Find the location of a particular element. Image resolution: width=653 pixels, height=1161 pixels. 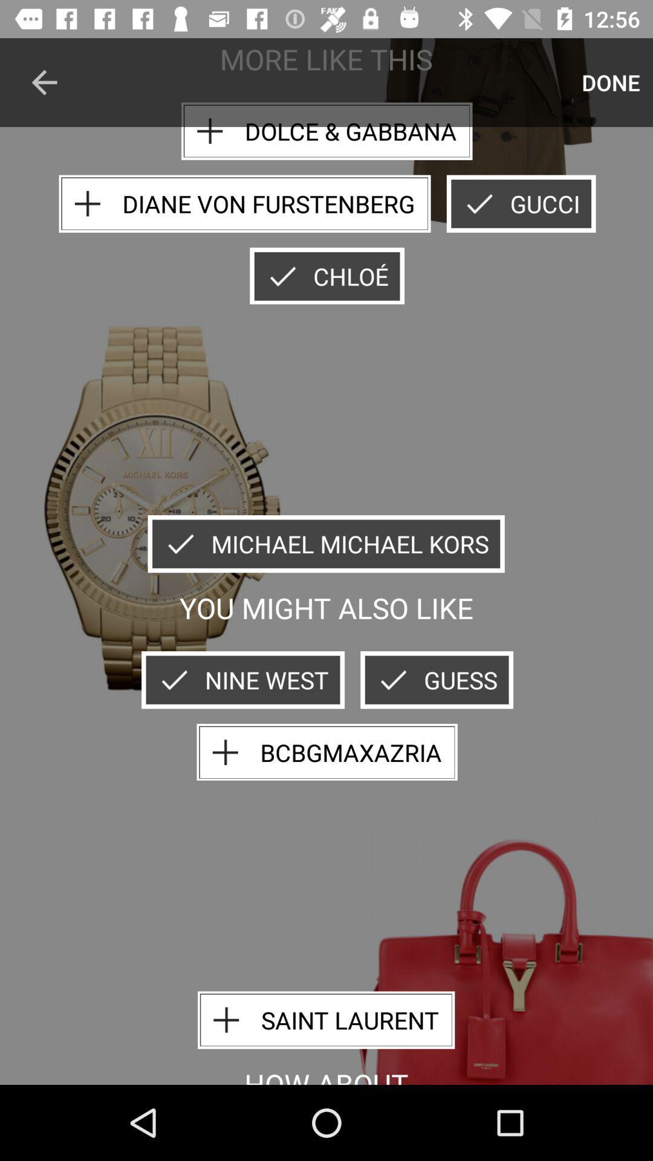

saint laurent icon is located at coordinates (325, 1020).